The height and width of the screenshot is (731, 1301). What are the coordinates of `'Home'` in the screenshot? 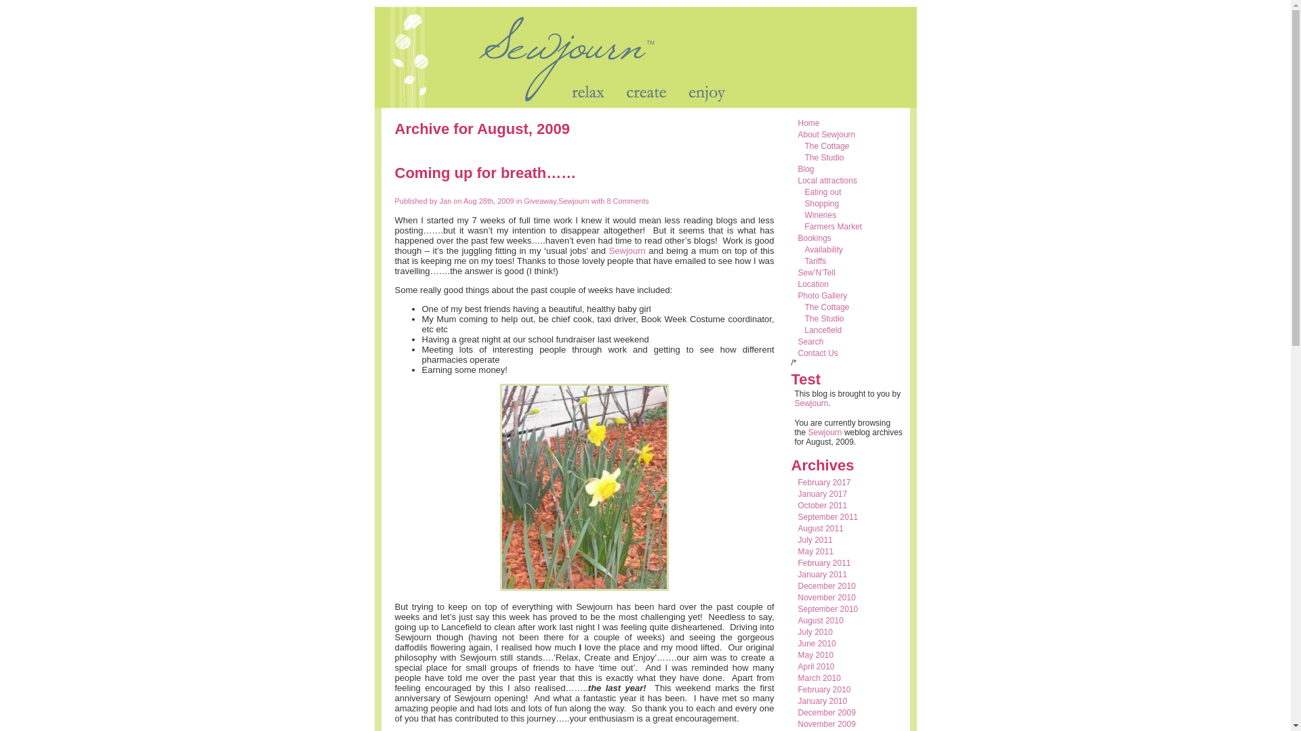 It's located at (809, 123).